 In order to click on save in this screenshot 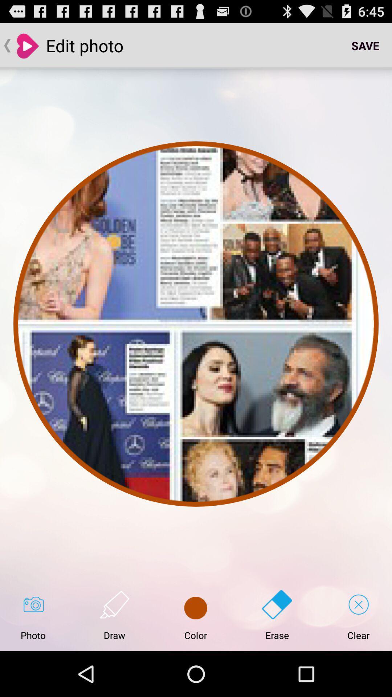, I will do `click(365, 45)`.